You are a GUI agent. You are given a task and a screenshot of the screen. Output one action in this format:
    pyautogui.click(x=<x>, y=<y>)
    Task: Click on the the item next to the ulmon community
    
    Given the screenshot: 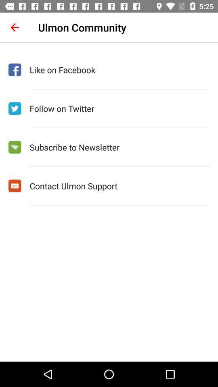 What is the action you would take?
    pyautogui.click(x=15, y=27)
    